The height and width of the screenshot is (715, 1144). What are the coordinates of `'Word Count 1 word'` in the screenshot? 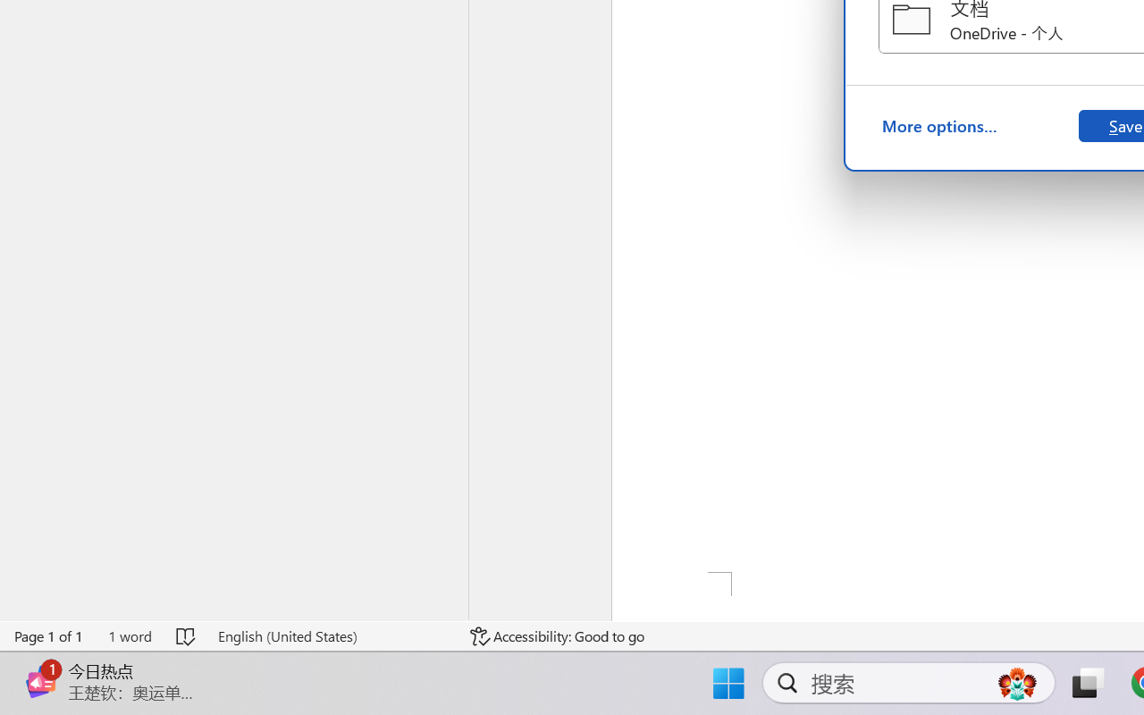 It's located at (129, 635).